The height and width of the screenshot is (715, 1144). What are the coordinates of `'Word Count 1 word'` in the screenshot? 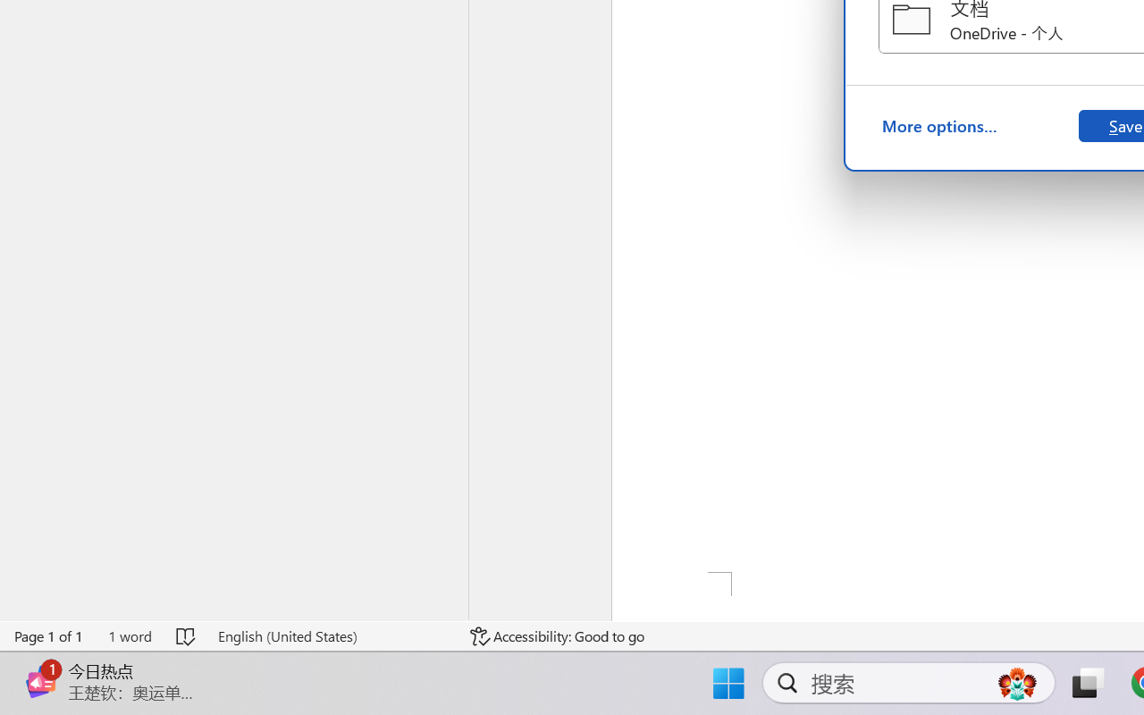 It's located at (129, 635).